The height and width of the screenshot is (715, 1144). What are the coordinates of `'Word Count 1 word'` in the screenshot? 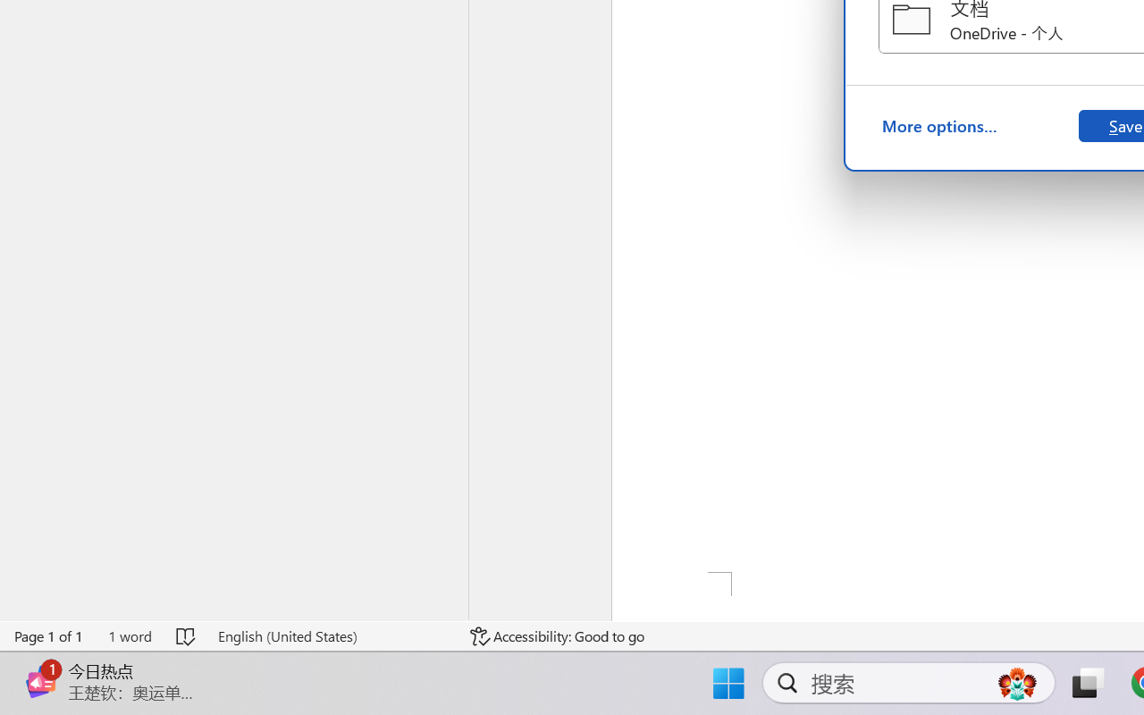 It's located at (129, 635).